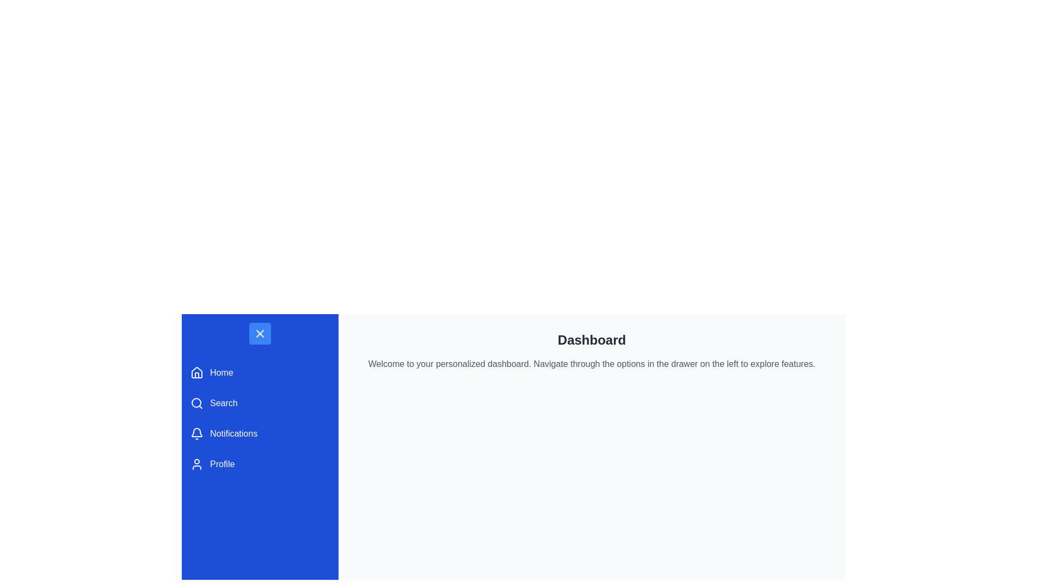 This screenshot has height=588, width=1045. I want to click on the 'Search' text label located on the left-hand sidebar, so click(223, 403).